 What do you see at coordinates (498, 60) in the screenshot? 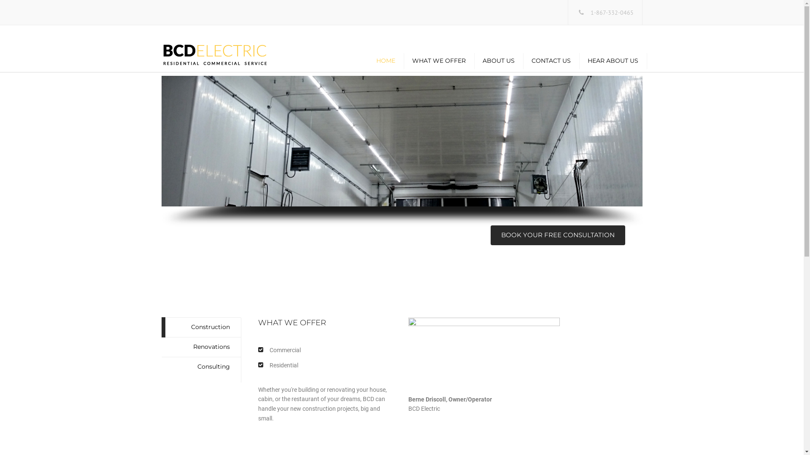
I see `'ABOUT US'` at bounding box center [498, 60].